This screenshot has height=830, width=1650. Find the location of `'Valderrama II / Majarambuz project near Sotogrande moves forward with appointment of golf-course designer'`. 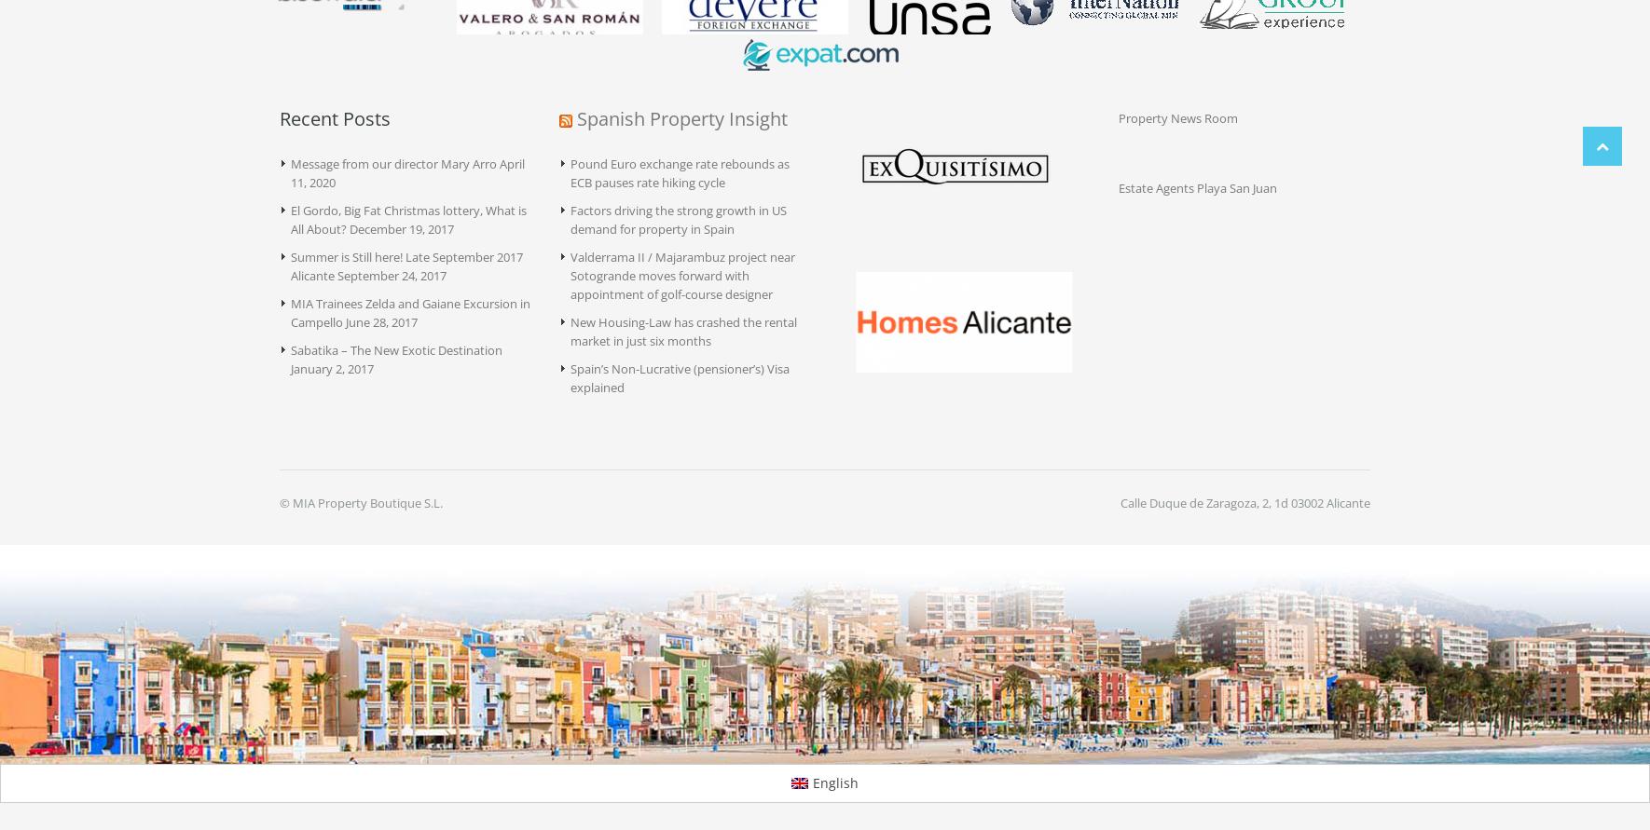

'Valderrama II / Majarambuz project near Sotogrande moves forward with appointment of golf-course designer' is located at coordinates (681, 274).